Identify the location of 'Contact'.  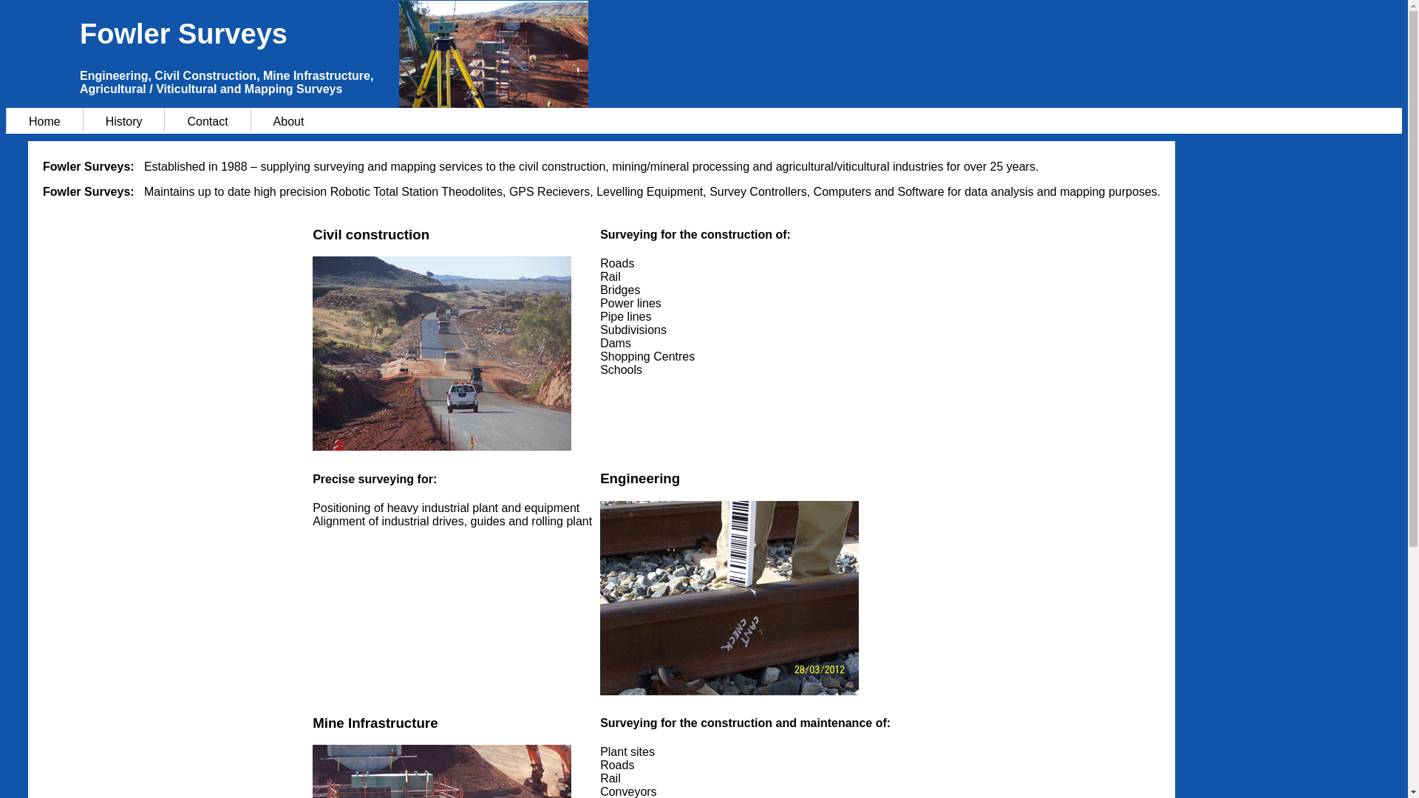
(163, 119).